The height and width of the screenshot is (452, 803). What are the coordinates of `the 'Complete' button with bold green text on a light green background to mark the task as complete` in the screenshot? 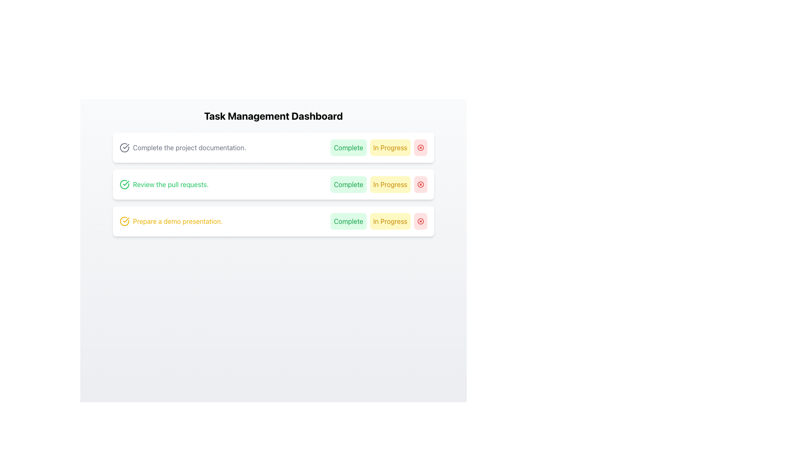 It's located at (348, 184).